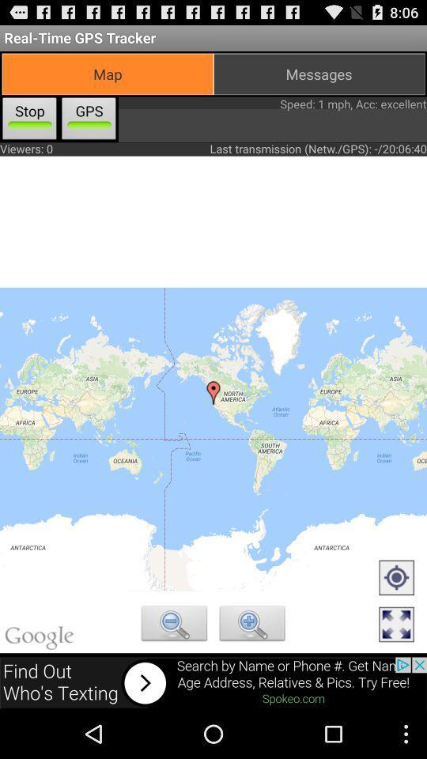 The image size is (427, 759). I want to click on set marker, so click(395, 578).